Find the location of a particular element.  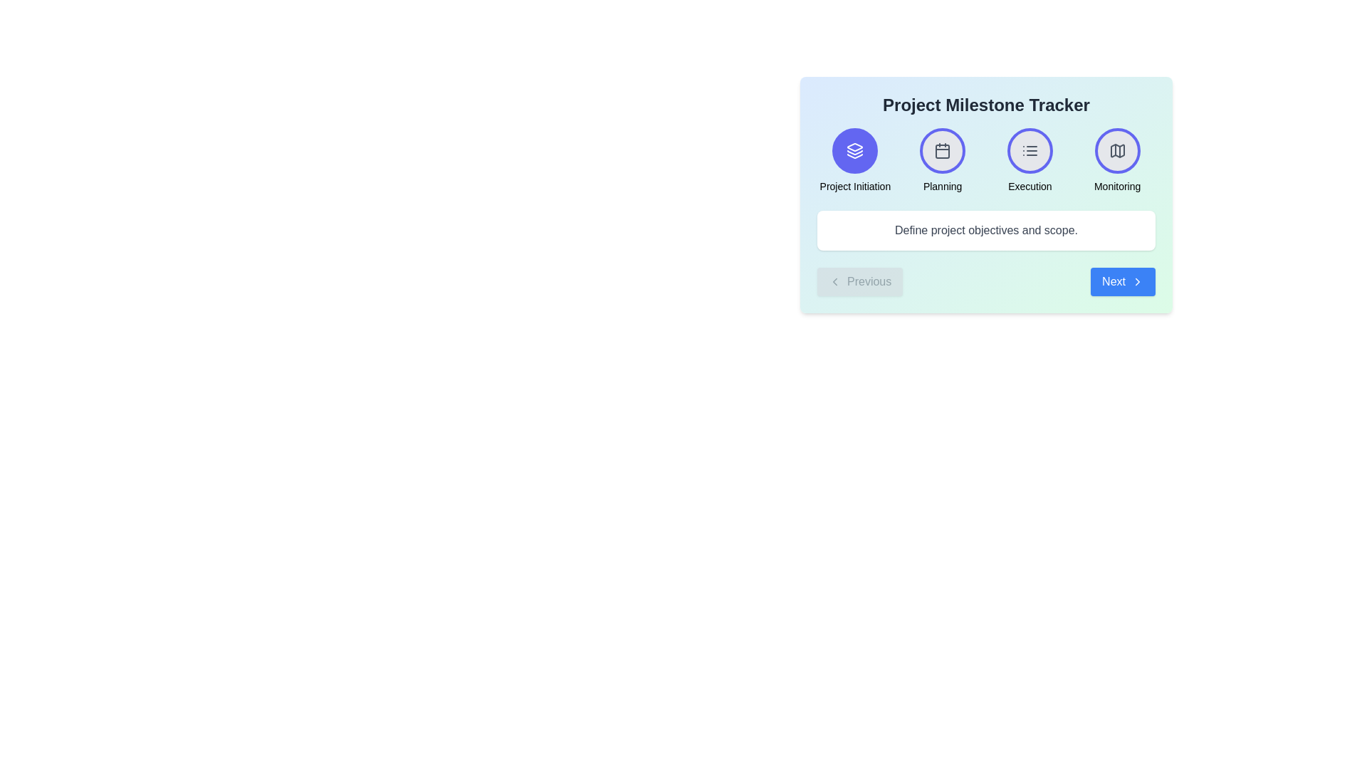

the chevron-shaped icon pointing left that is located within the 'Previous' button, adjacent to its label is located at coordinates (834, 282).